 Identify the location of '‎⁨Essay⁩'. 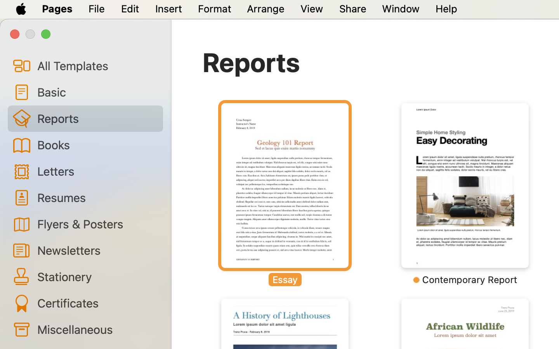
(284, 194).